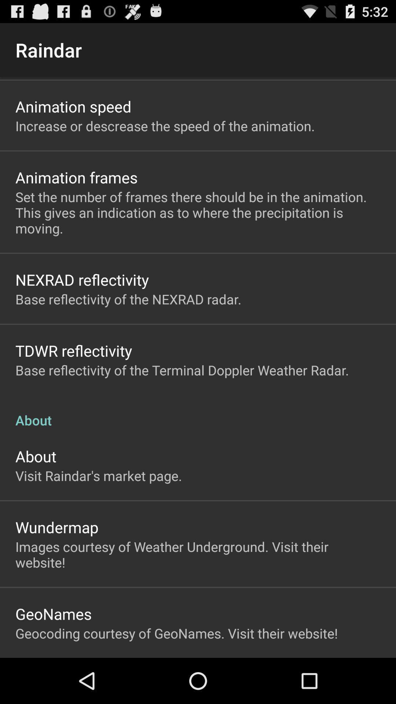  Describe the element at coordinates (98, 476) in the screenshot. I see `icon below the about` at that location.